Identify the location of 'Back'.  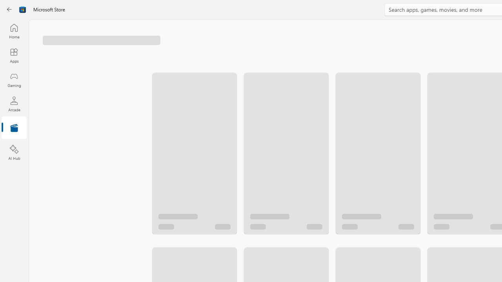
(9, 9).